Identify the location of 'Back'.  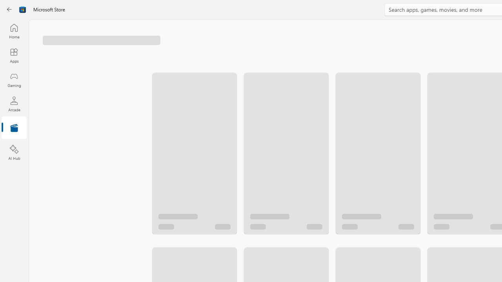
(9, 9).